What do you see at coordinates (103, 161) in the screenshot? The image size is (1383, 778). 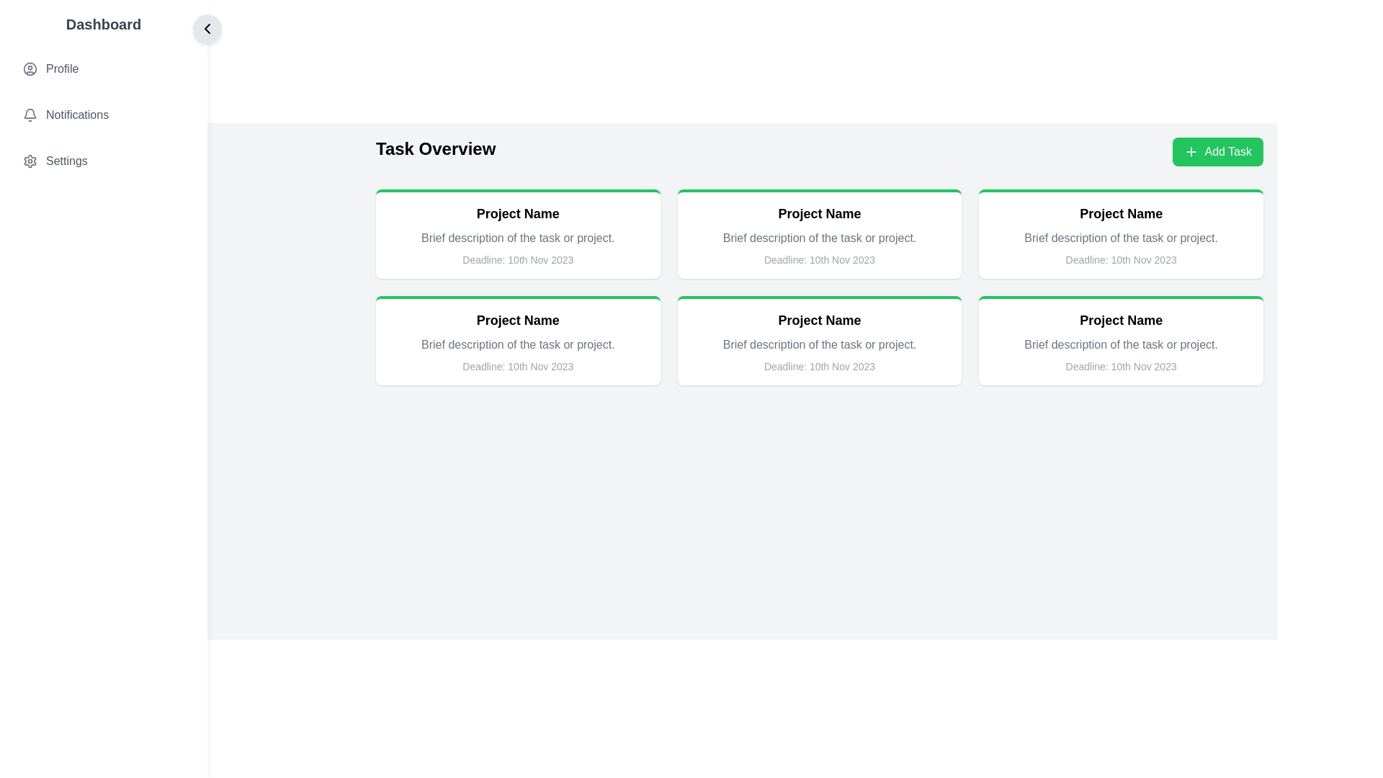 I see `the 'Settings' navigation item in the sidebar` at bounding box center [103, 161].